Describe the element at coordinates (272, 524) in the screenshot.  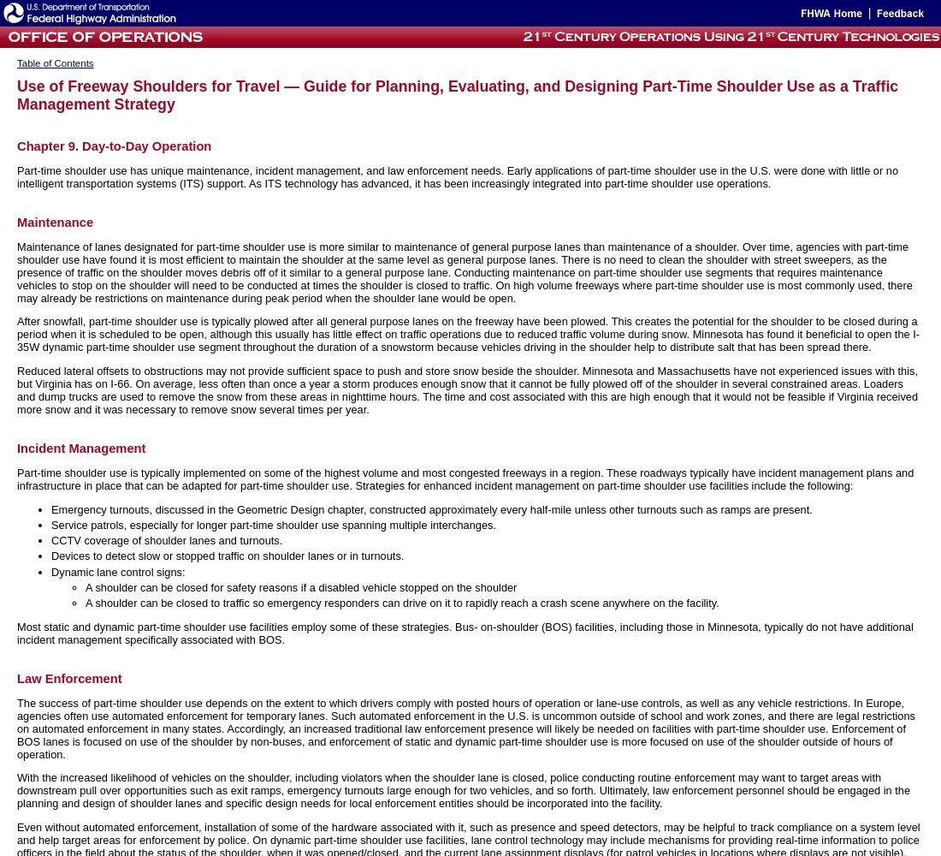
I see `'Service patrols, especially for longer part-time shoulder use spanning multiple interchanges.'` at that location.